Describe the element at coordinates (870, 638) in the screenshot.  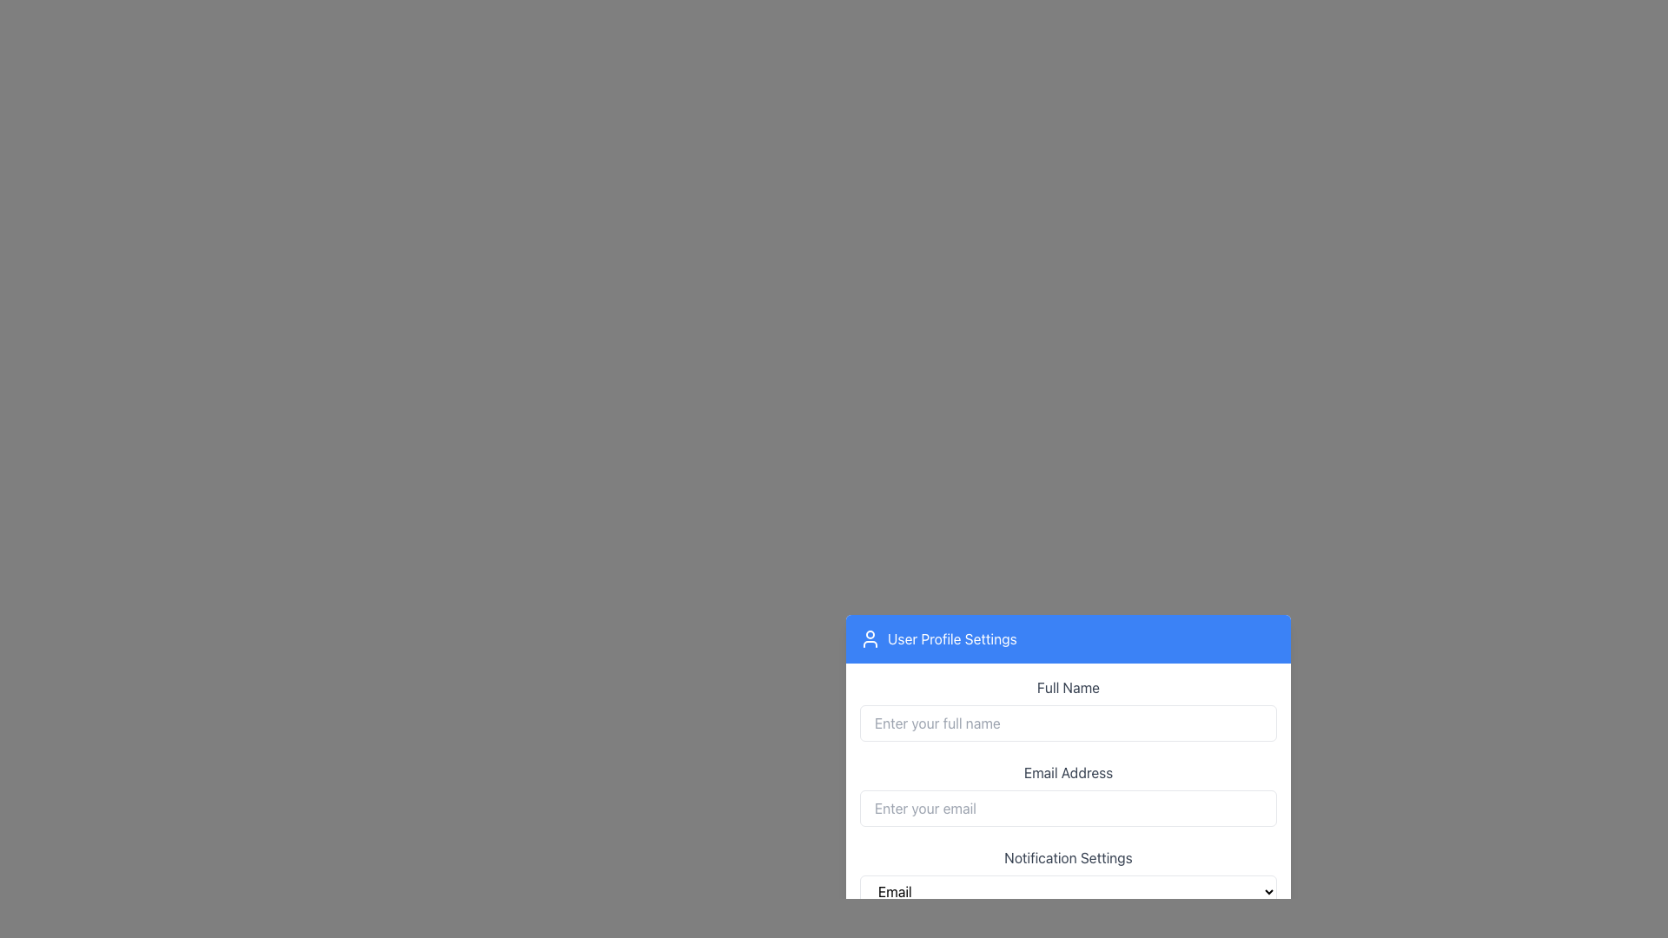
I see `the User Profile icon located in the 'User Profile Settings' section at the far left, next to the text` at that location.